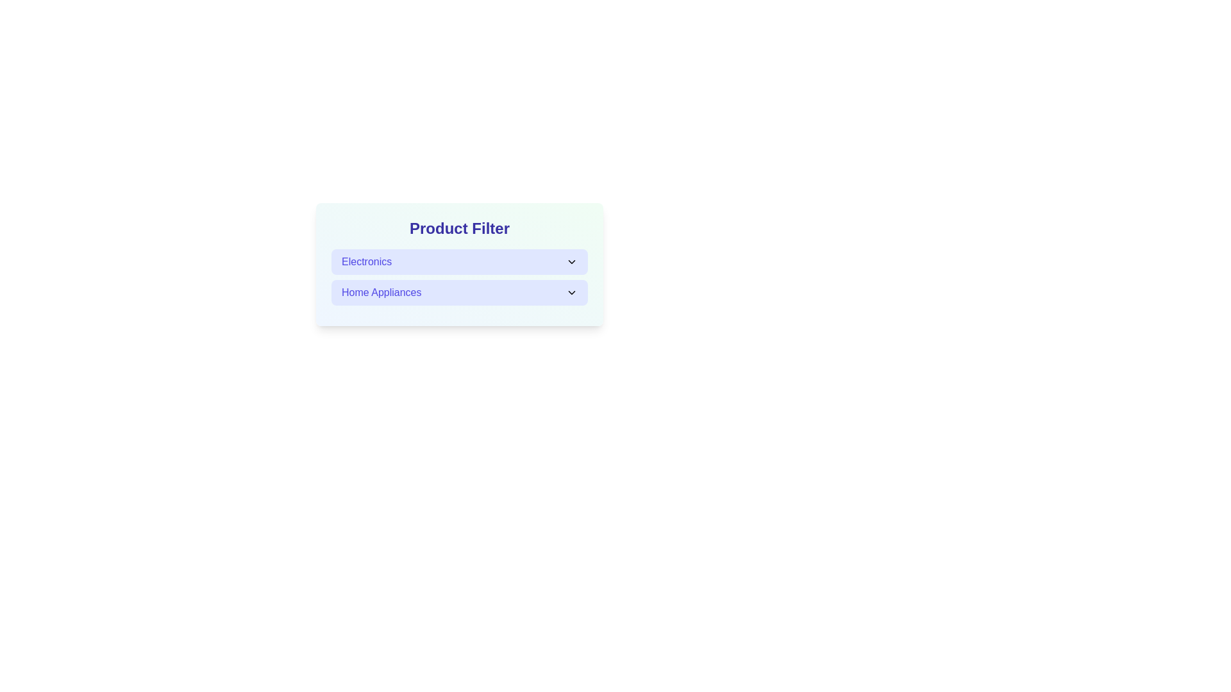 This screenshot has height=692, width=1231. What do you see at coordinates (459, 228) in the screenshot?
I see `the 'Product Filter' text label, which serves as a section header for product categories including 'Electronics' and 'Home Appliances'` at bounding box center [459, 228].